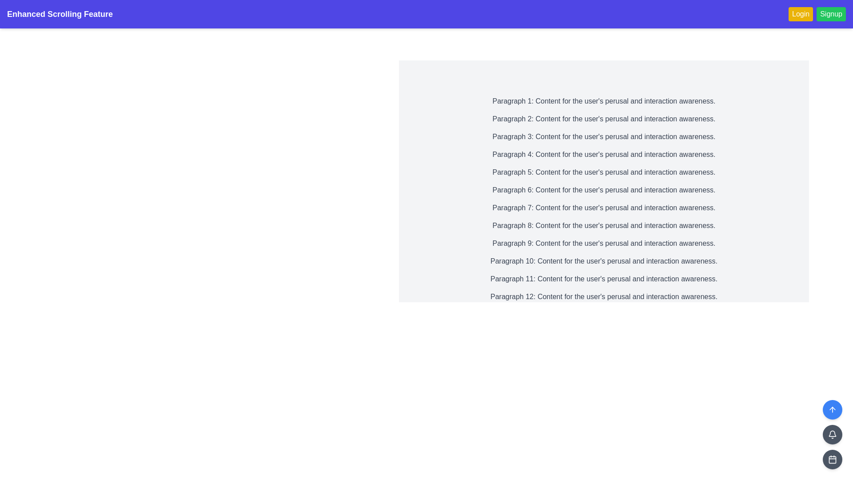 This screenshot has width=853, height=480. Describe the element at coordinates (604, 118) in the screenshot. I see `the static text element displaying 'Paragraph 2: Content for the user's perusal and interaction awareness.' which is the second item in the vertically stacked list of paragraphs` at that location.